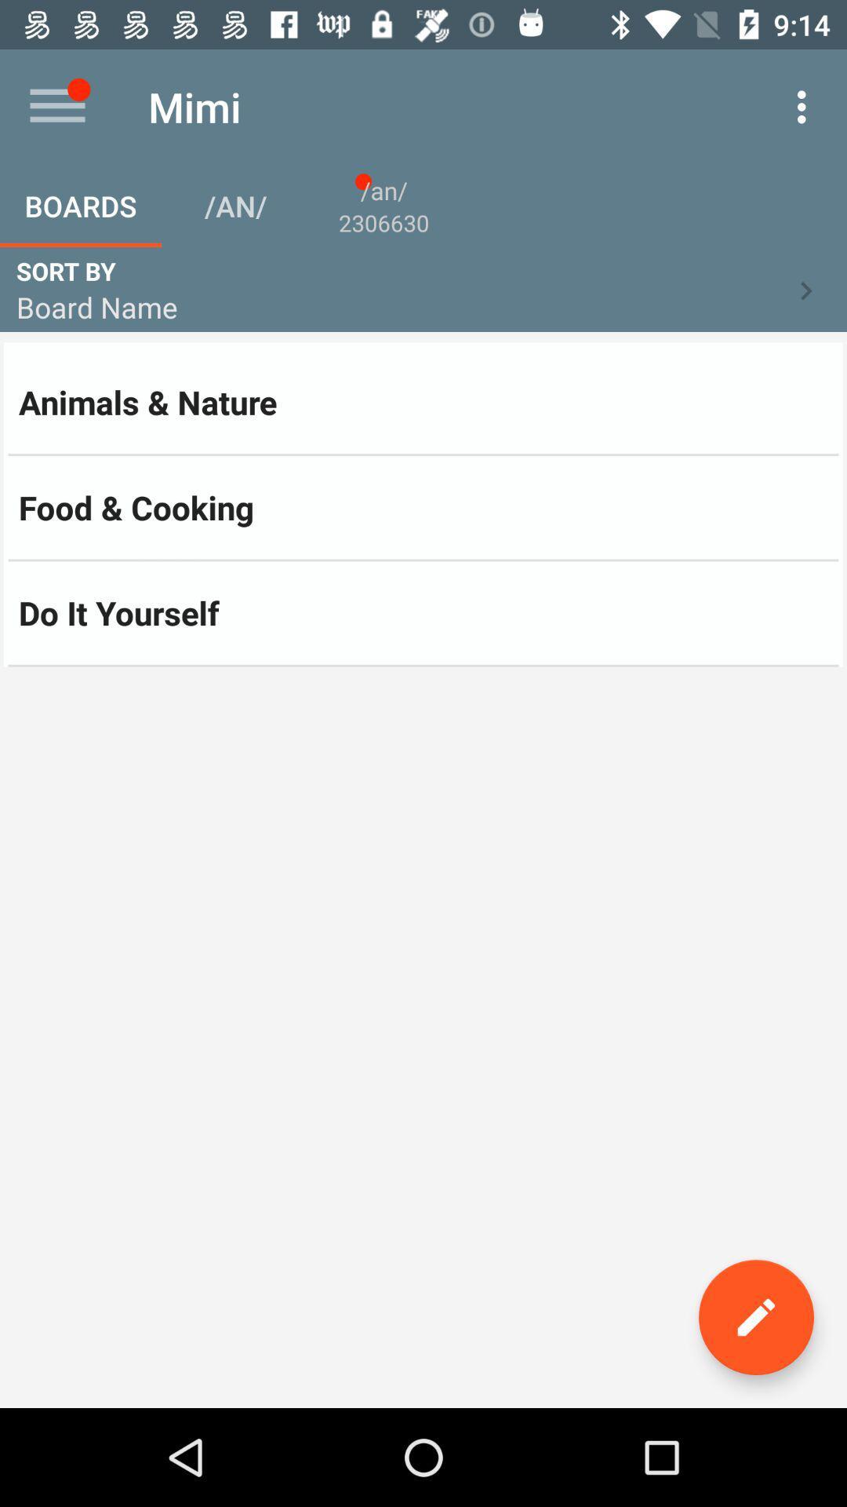  What do you see at coordinates (56, 106) in the screenshot?
I see `menu` at bounding box center [56, 106].